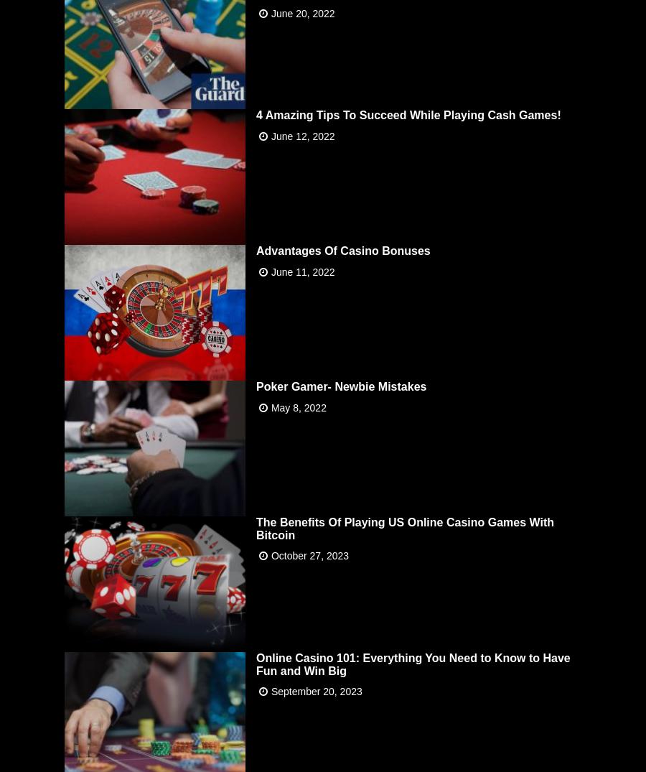  Describe the element at coordinates (408, 114) in the screenshot. I see `'4 Amazing Tips To Succeed While Playing Cash Games!'` at that location.